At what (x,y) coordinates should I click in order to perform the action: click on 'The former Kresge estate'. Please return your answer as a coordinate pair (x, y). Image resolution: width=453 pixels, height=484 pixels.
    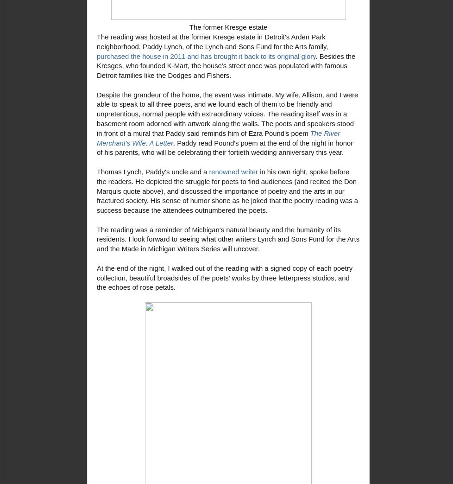
    Looking at the image, I should click on (228, 26).